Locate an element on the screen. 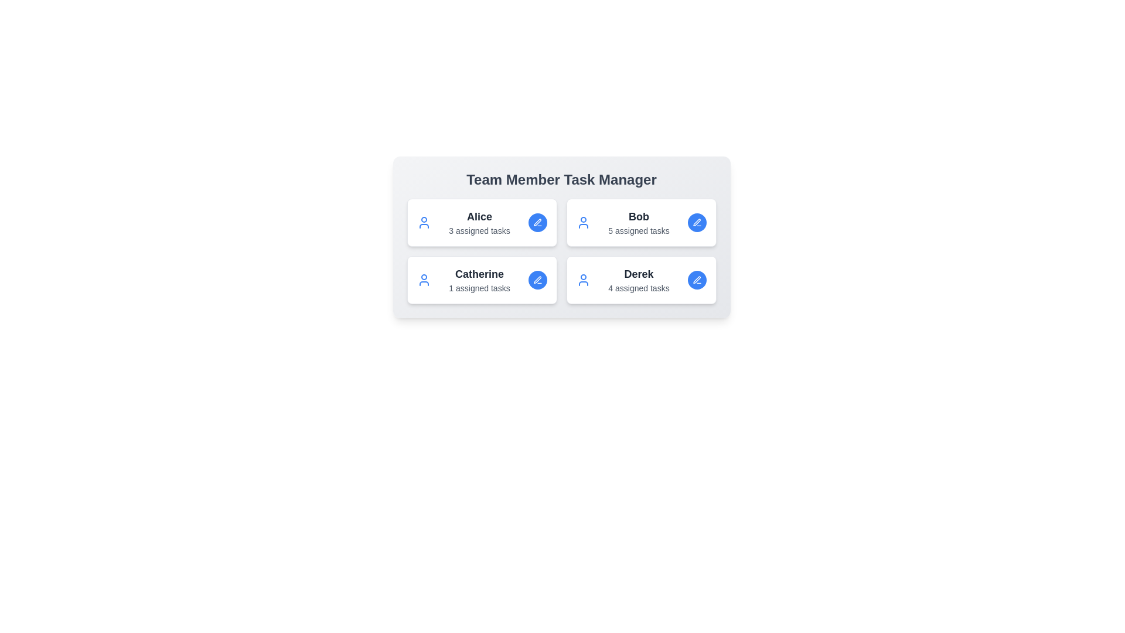 Image resolution: width=1125 pixels, height=633 pixels. the card of team member Catherine is located at coordinates (482, 280).